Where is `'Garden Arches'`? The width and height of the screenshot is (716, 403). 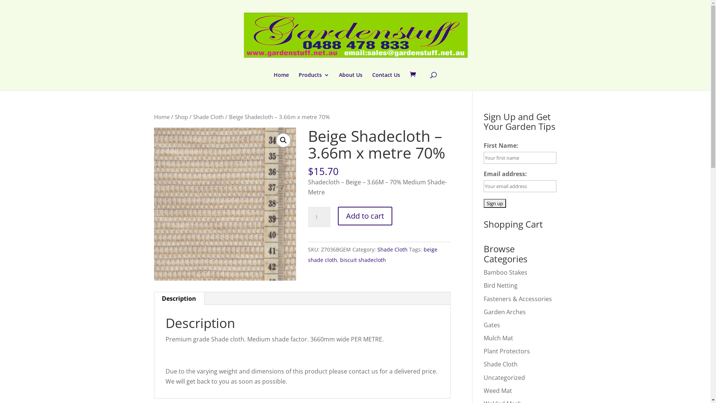
'Garden Arches' is located at coordinates (505, 312).